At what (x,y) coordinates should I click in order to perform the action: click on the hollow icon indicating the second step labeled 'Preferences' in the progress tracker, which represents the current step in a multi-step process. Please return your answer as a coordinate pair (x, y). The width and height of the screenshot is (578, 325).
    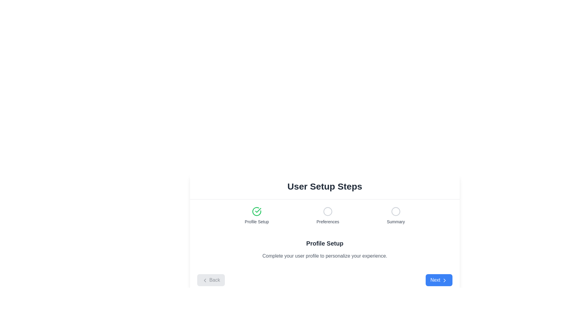
    Looking at the image, I should click on (328, 211).